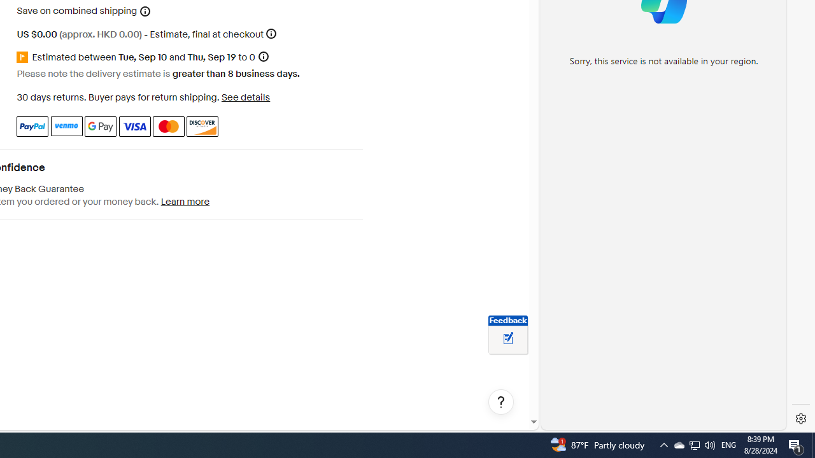 This screenshot has height=458, width=815. What do you see at coordinates (66, 126) in the screenshot?
I see `'Venmo'` at bounding box center [66, 126].